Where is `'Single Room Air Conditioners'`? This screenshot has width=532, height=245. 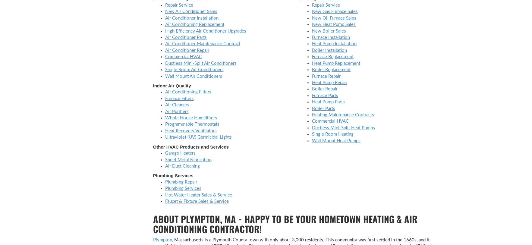
'Single Room Air Conditioners' is located at coordinates (164, 69).